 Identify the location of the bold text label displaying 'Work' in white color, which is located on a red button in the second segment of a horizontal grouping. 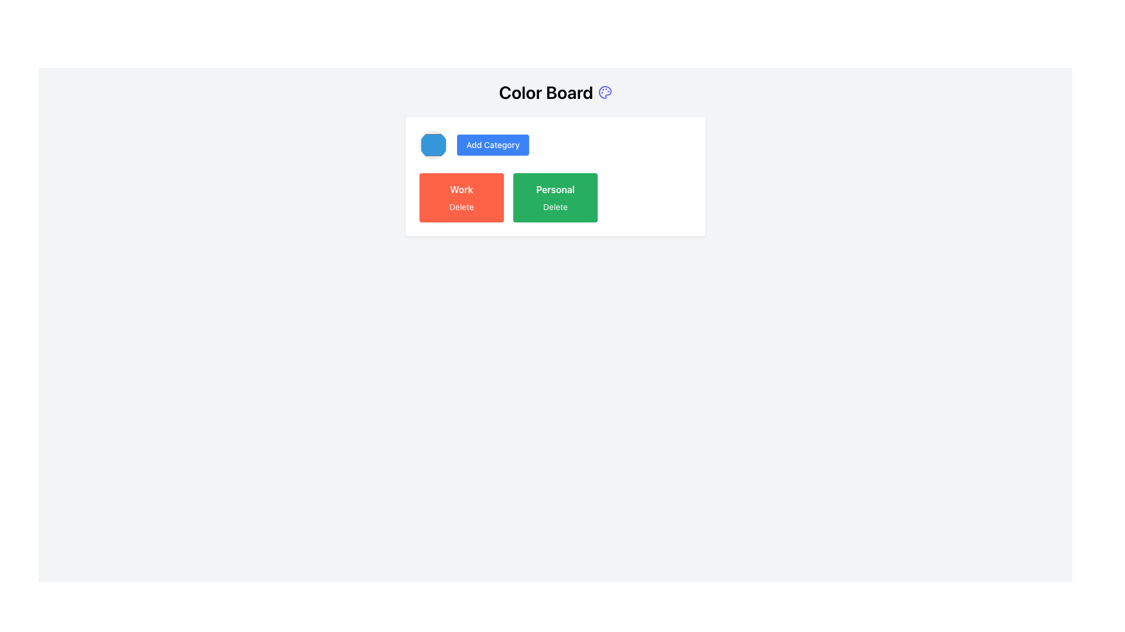
(461, 189).